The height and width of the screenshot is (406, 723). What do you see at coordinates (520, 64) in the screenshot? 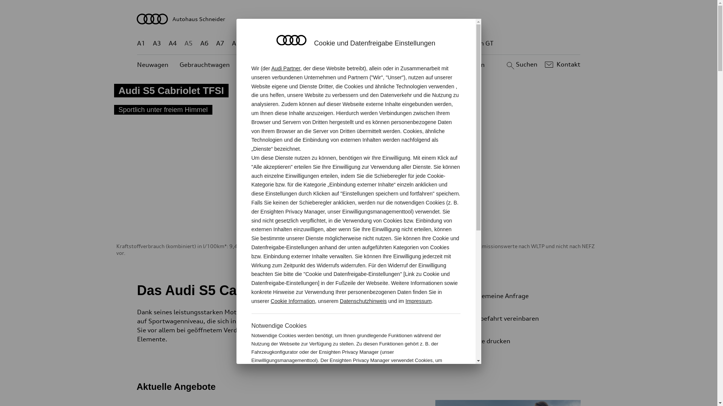
I see `'Suchen'` at bounding box center [520, 64].